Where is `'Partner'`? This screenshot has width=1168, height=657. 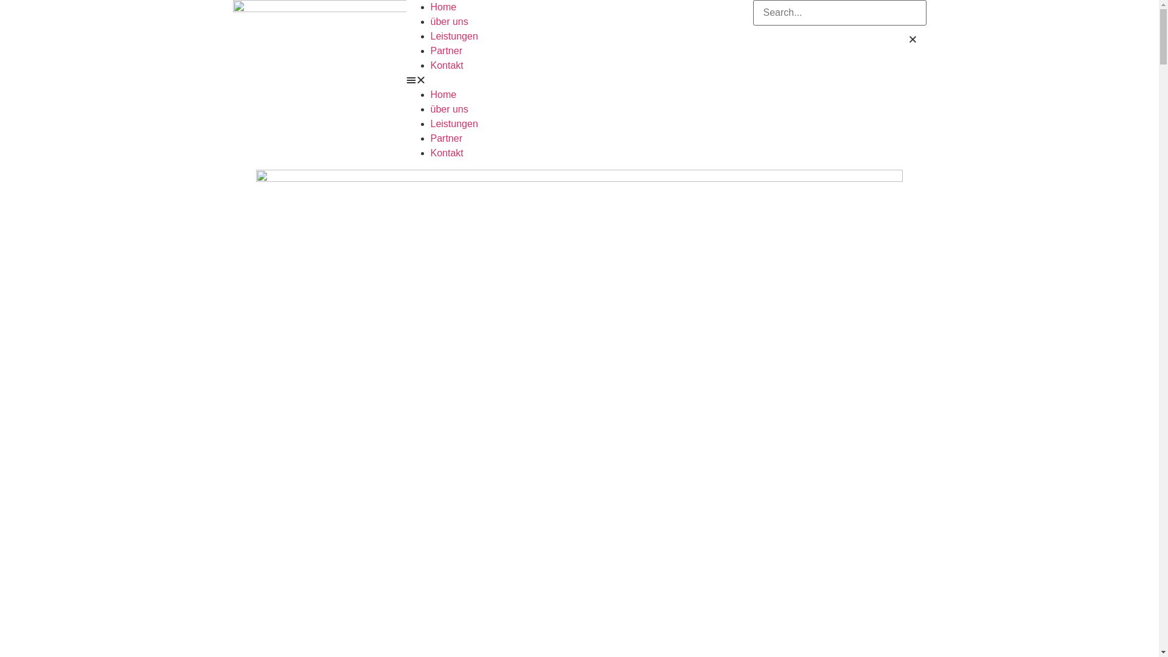
'Partner' is located at coordinates (446, 50).